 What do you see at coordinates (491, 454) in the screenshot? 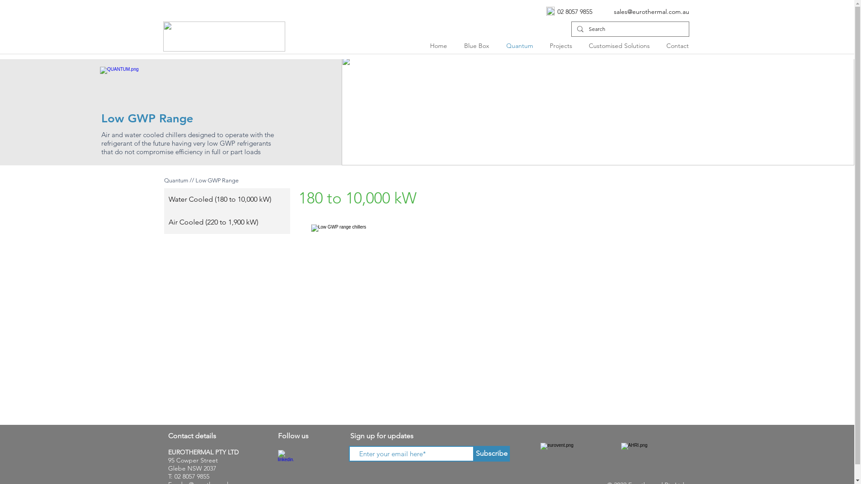
I see `'Subscribe'` at bounding box center [491, 454].